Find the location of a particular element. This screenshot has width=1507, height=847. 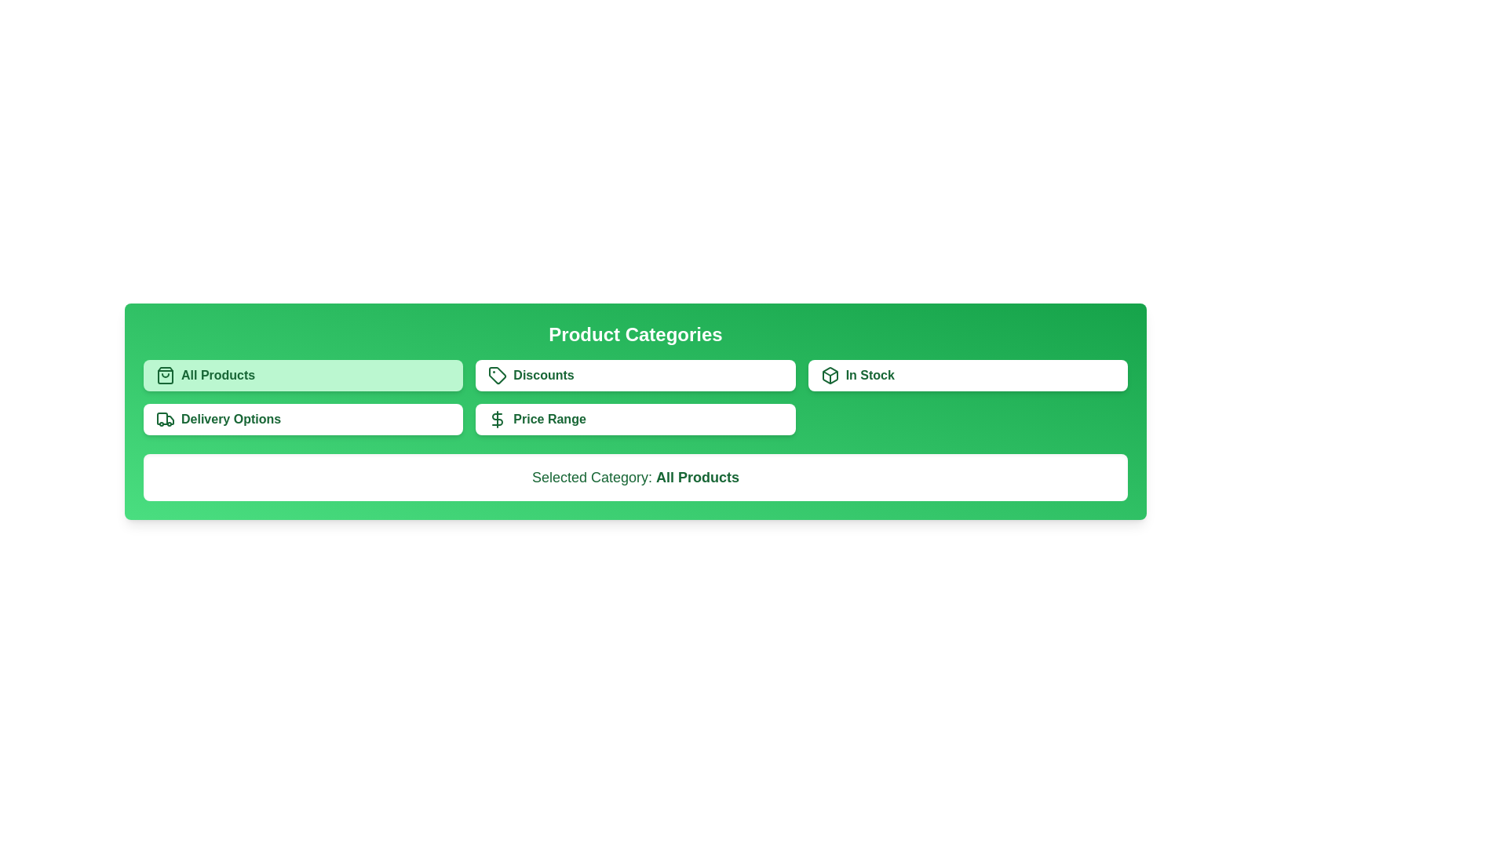

the discount filtering button located centrally in the 'Product Categories' section is located at coordinates (636, 375).